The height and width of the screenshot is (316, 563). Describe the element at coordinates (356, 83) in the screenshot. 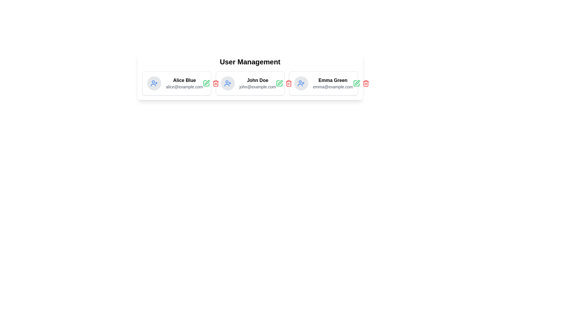

I see `the edit icon graphic component located on the rightmost side of the user details for Emma Green, which signifies editing capability` at that location.